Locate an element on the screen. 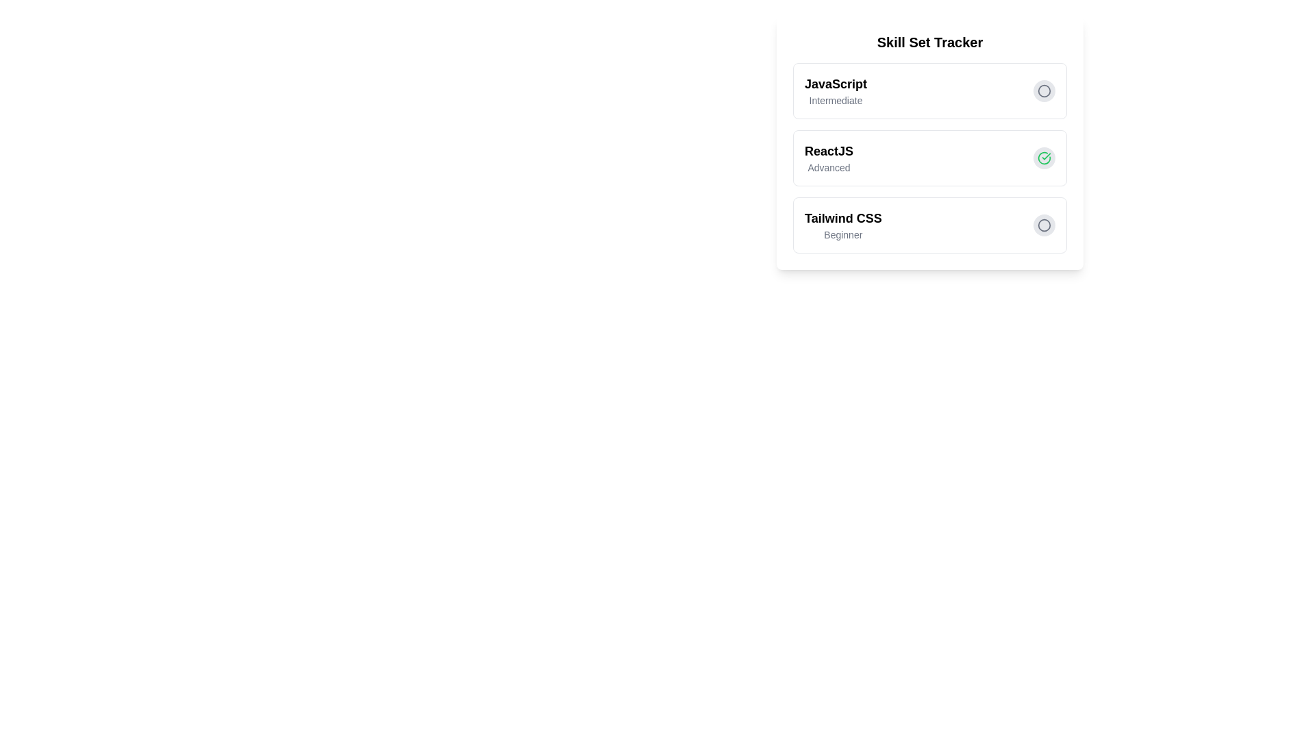 Image resolution: width=1315 pixels, height=740 pixels. the empty circle icon with a thin gray border, located at the right end of the 'Tailwind CSS' row in the 'Skill Set Tracker' interface is located at coordinates (1044, 90).